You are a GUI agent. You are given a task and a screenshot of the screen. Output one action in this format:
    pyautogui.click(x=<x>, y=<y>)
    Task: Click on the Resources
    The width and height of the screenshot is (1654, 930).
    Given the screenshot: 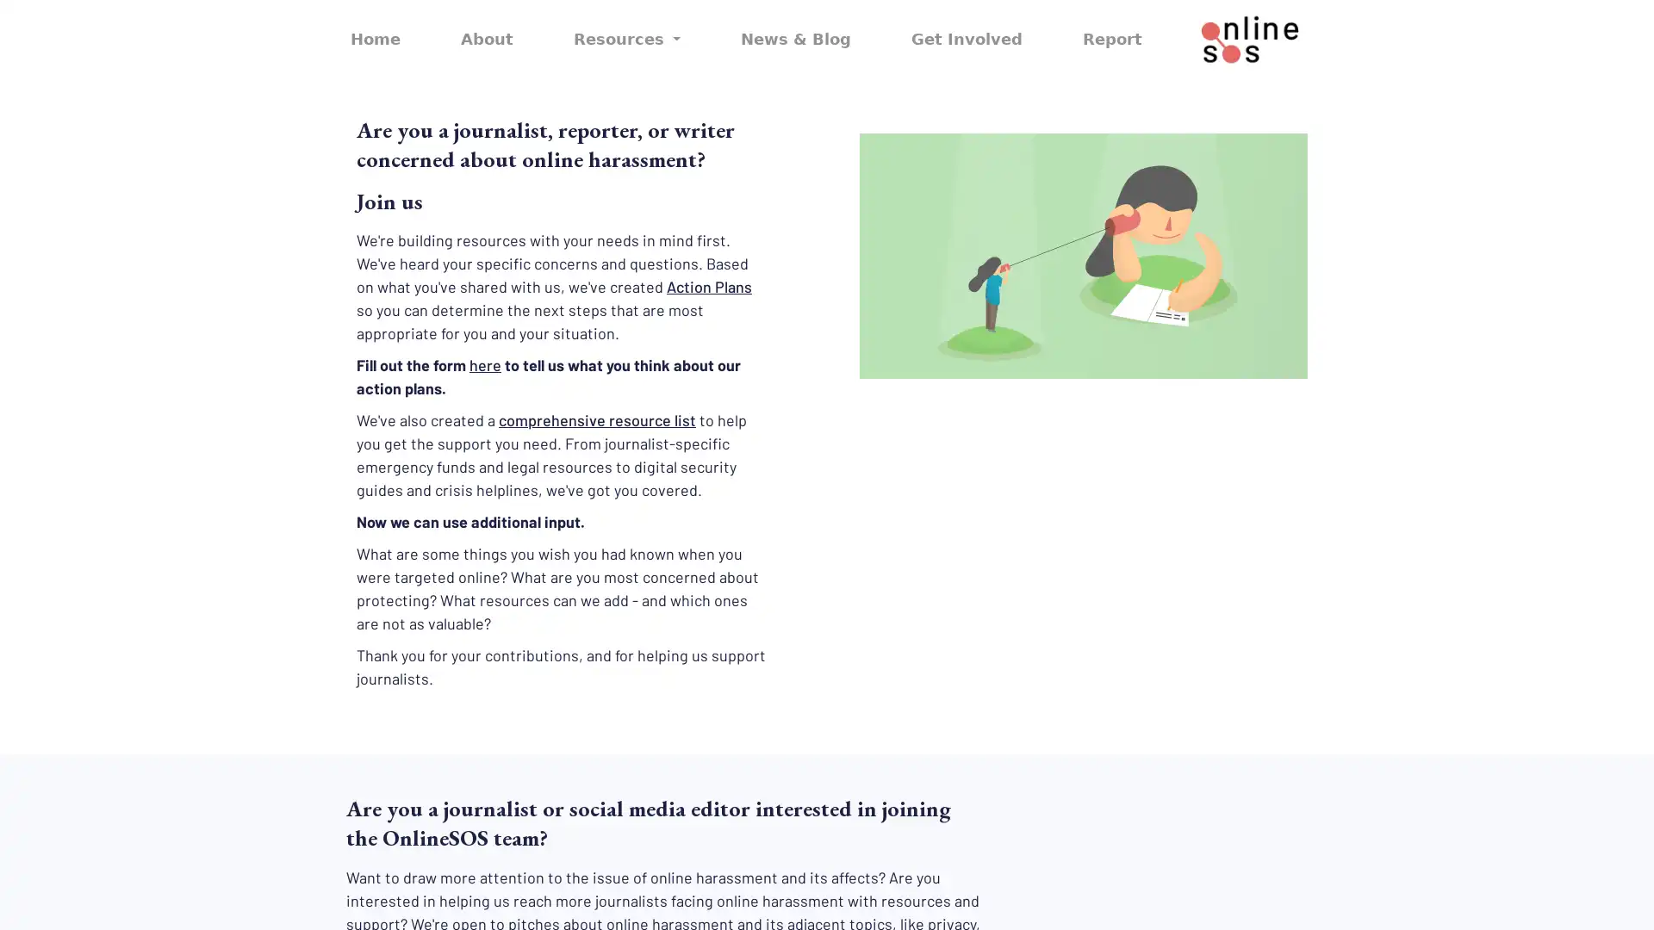 What is the action you would take?
    pyautogui.click(x=596, y=38)
    